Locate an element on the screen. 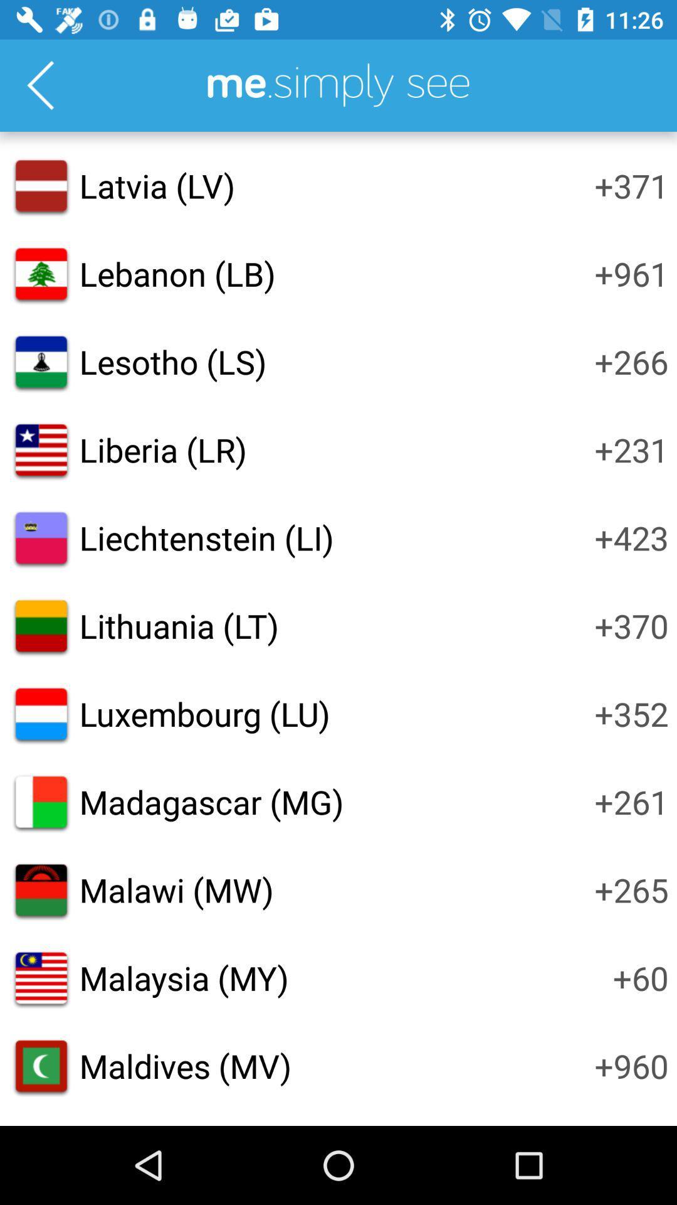 Image resolution: width=677 pixels, height=1205 pixels. item below the +266 is located at coordinates (631, 449).